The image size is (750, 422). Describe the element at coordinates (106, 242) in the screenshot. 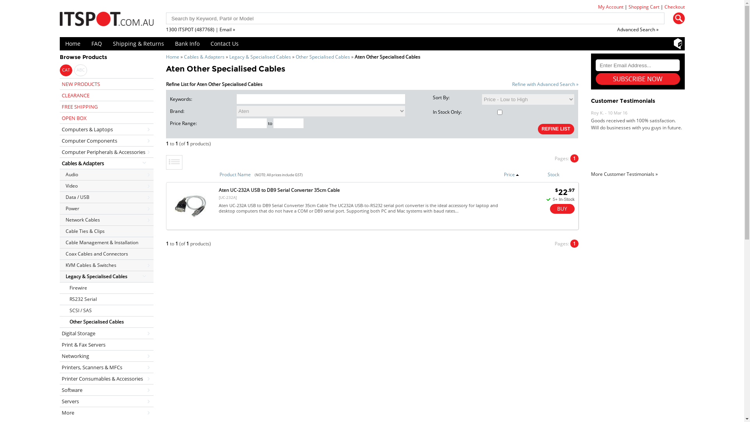

I see `'Cable Management & Installation'` at that location.